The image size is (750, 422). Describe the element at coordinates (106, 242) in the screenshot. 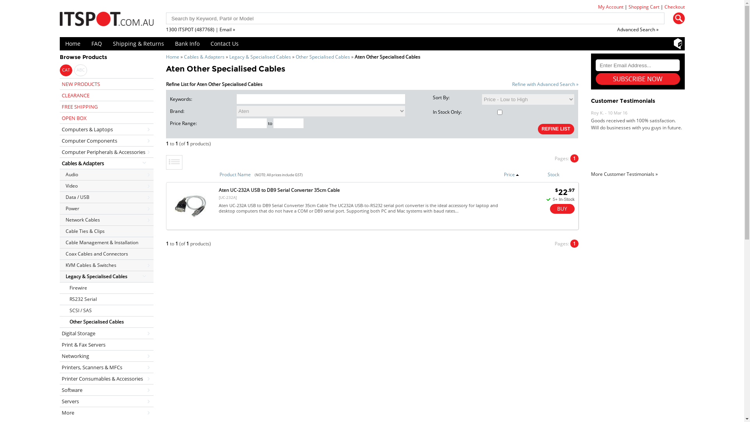

I see `'Cable Management & Installation'` at that location.